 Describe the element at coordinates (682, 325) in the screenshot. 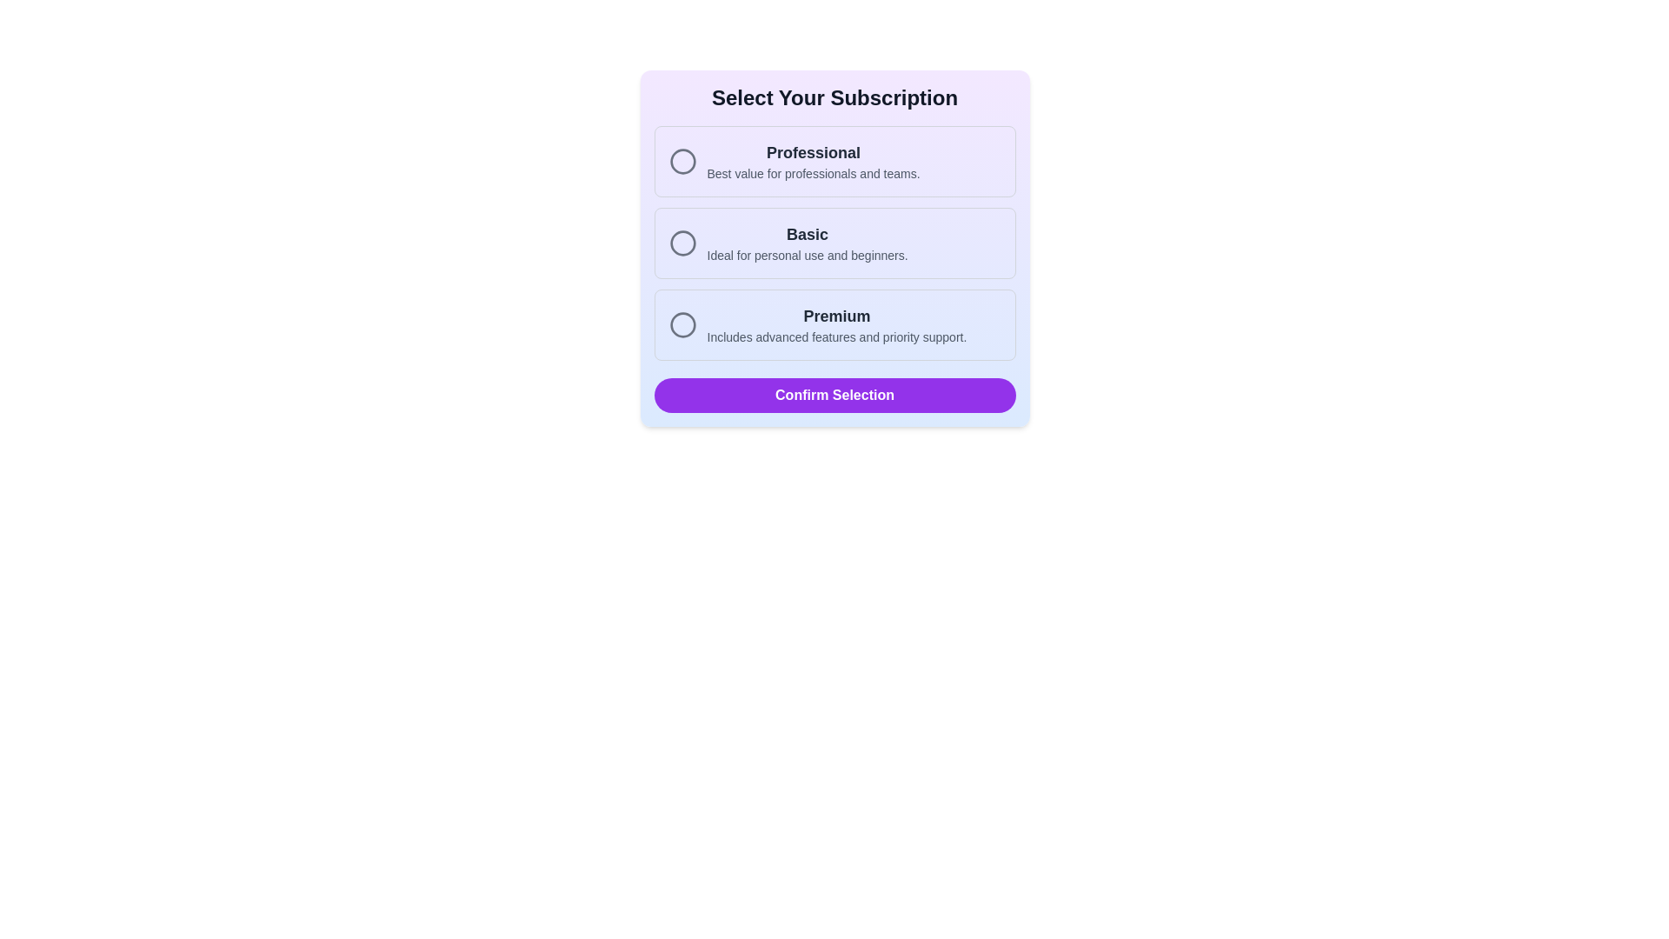

I see `the circular icon with a gray border and light-colored fill located in the Premium selection row, specifically to the left of the text 'Premium'` at that location.